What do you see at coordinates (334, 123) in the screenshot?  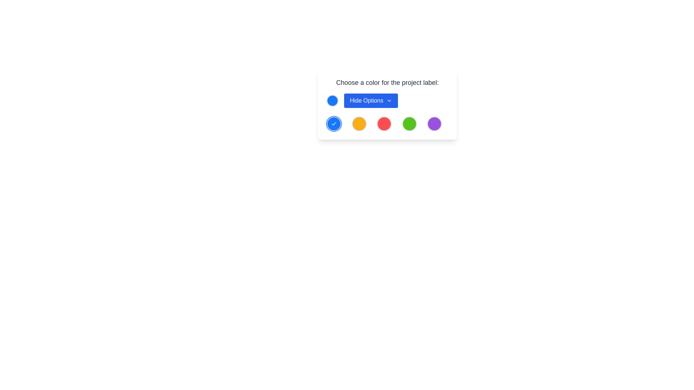 I see `the checkmark icon indicating the selected state of the blue color option in the color selection interface to confirm the selection` at bounding box center [334, 123].